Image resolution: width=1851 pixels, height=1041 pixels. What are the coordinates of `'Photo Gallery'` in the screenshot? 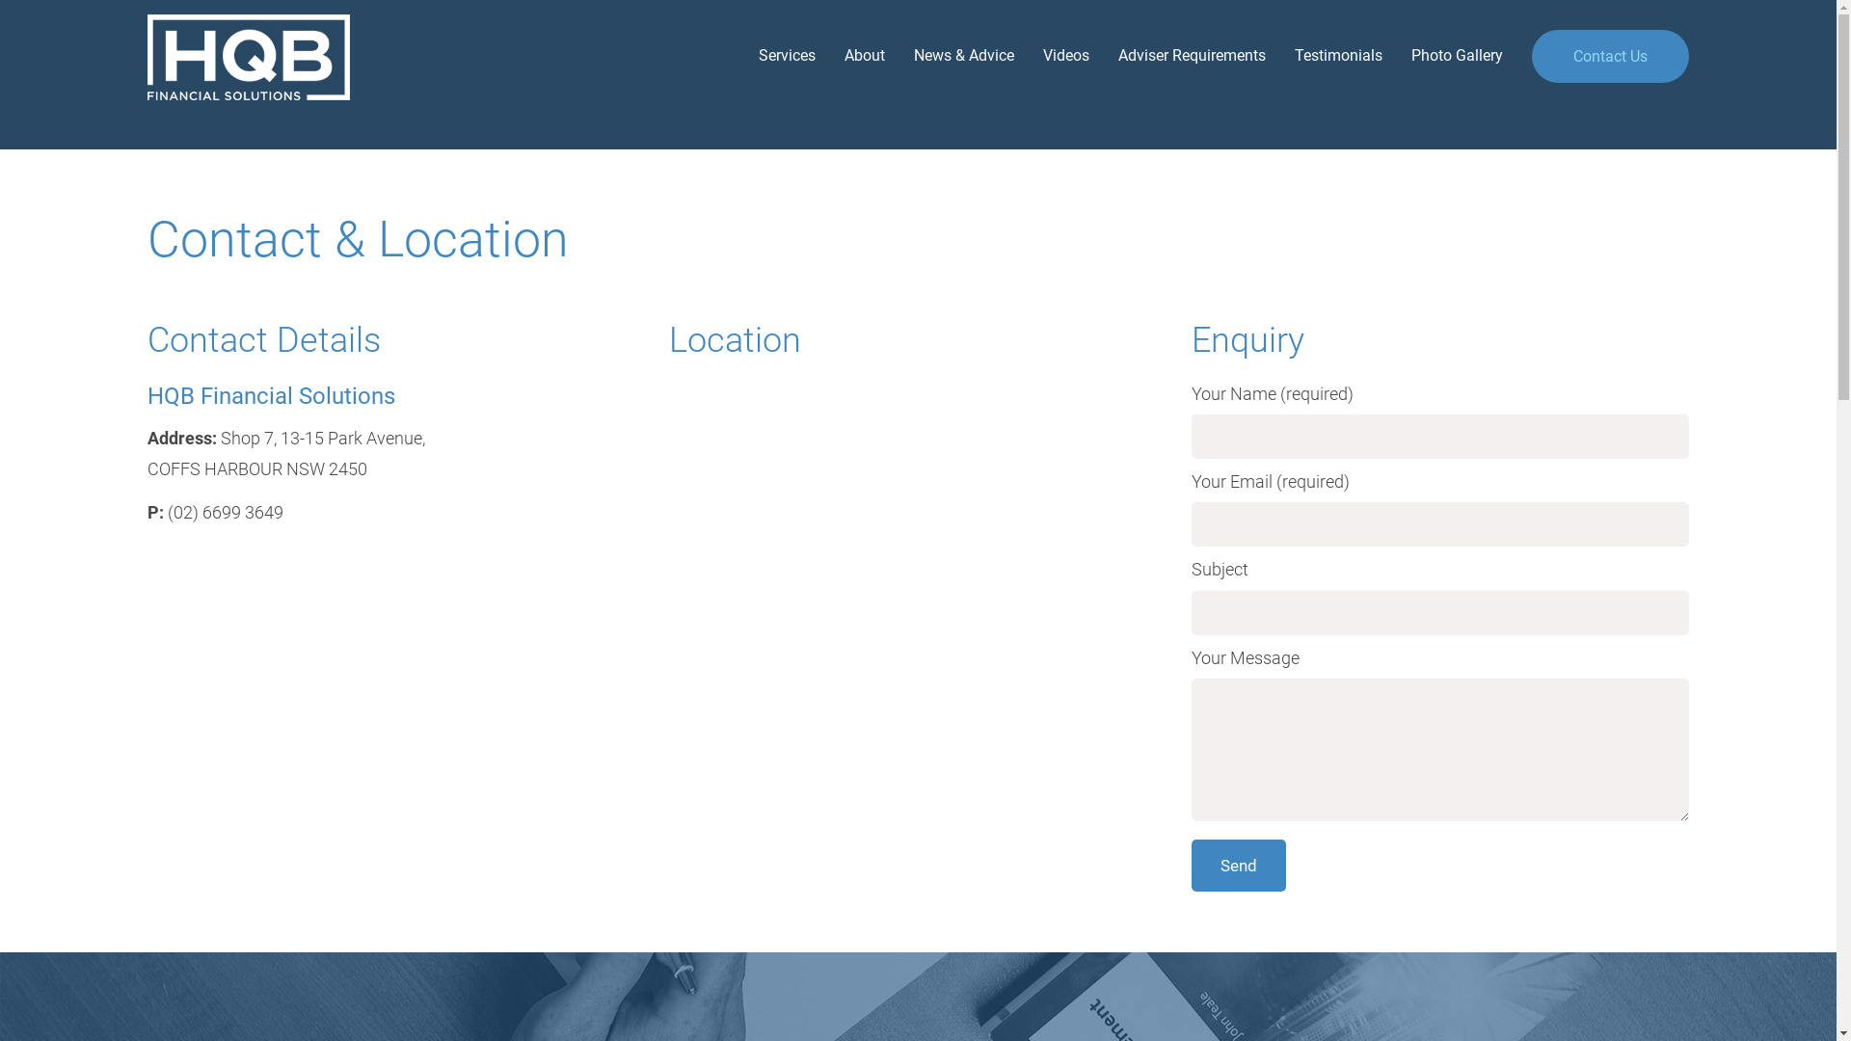 It's located at (1442, 54).